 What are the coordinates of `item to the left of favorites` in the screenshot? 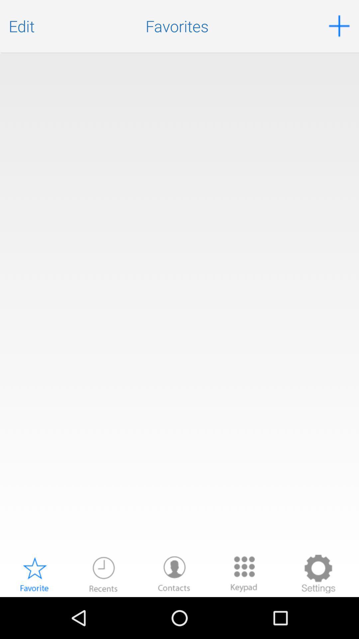 It's located at (21, 26).